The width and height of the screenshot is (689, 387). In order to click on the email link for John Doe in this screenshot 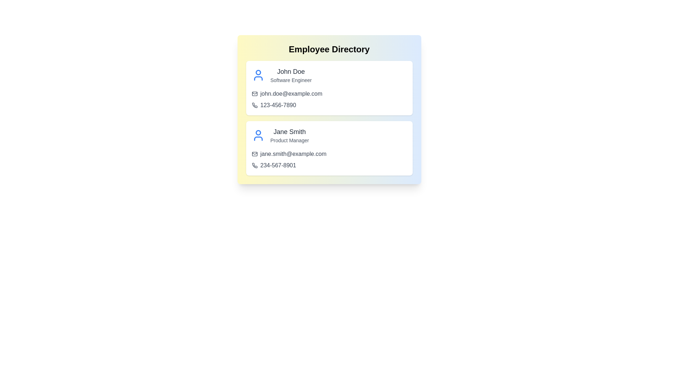, I will do `click(329, 94)`.